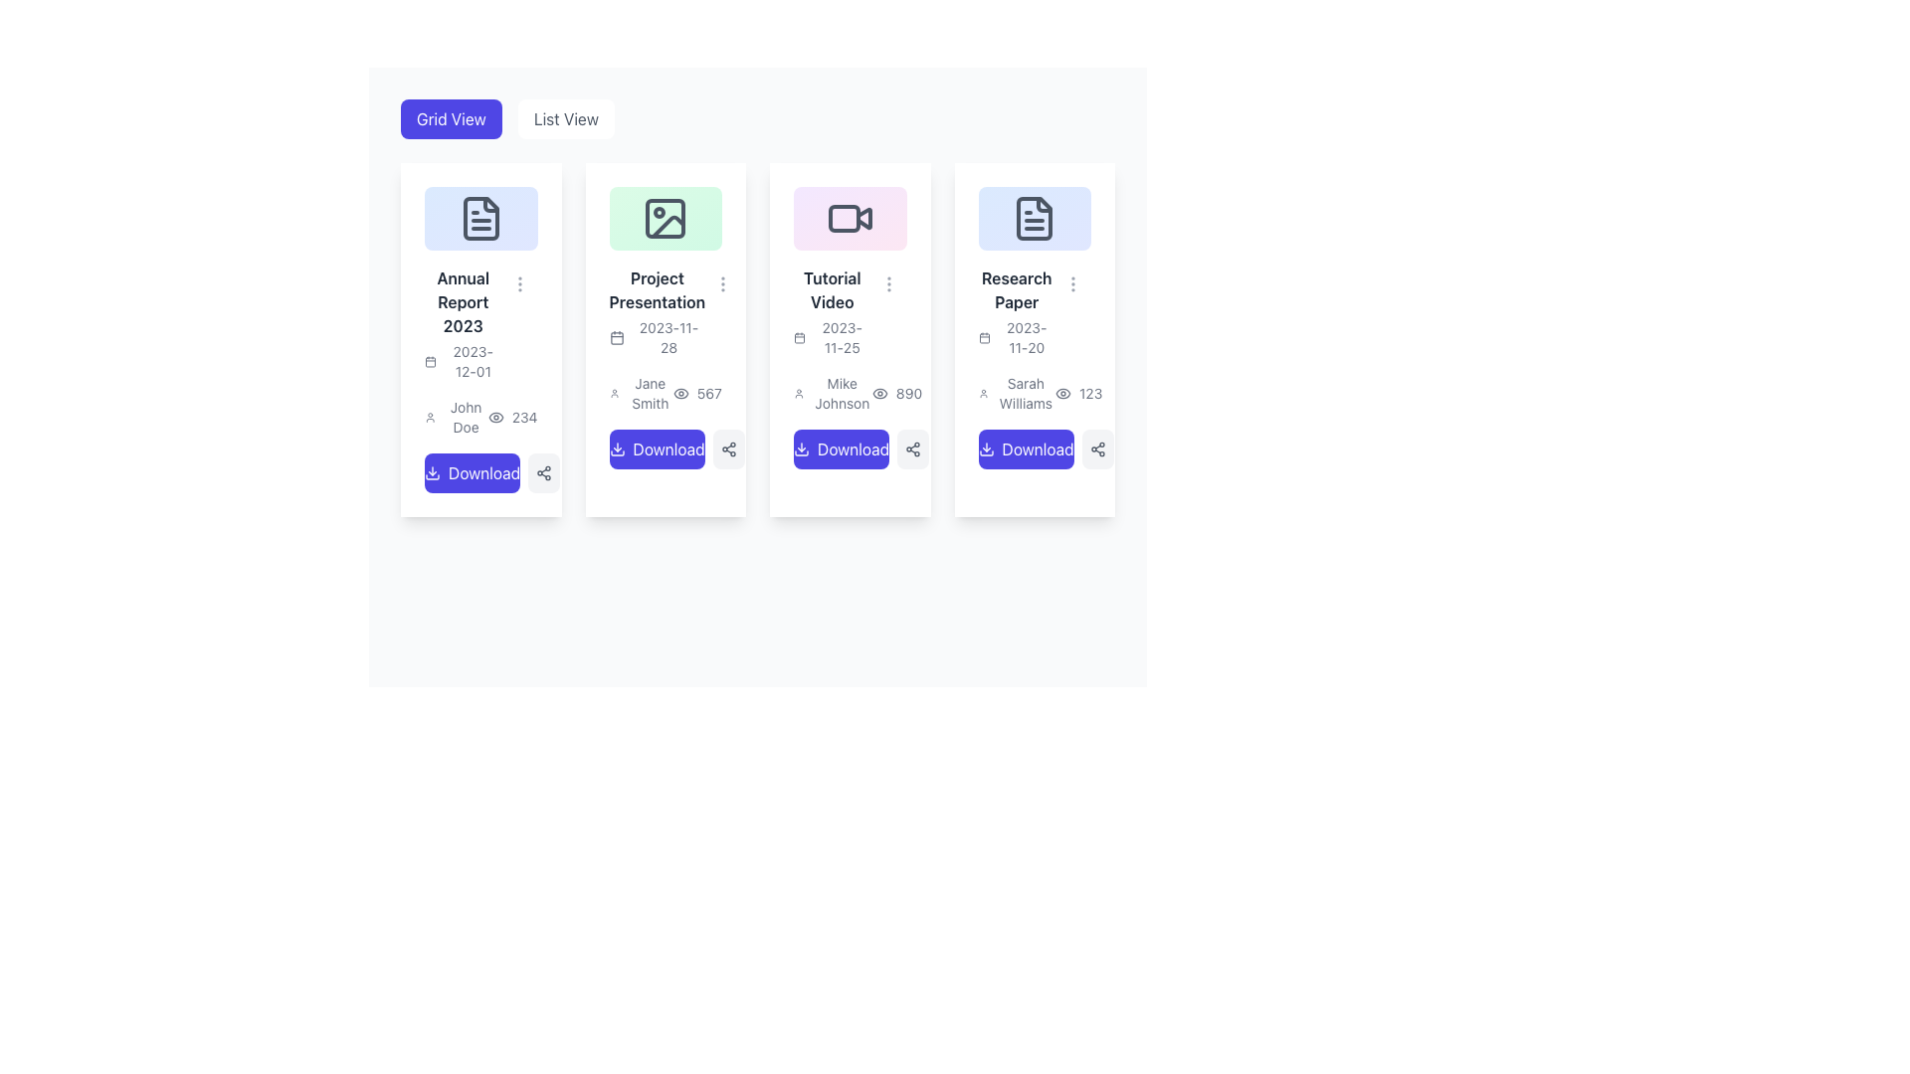 This screenshot has width=1910, height=1074. I want to click on the icon representation of document content within the first card labeled 'Annual Report 2023', so click(480, 218).